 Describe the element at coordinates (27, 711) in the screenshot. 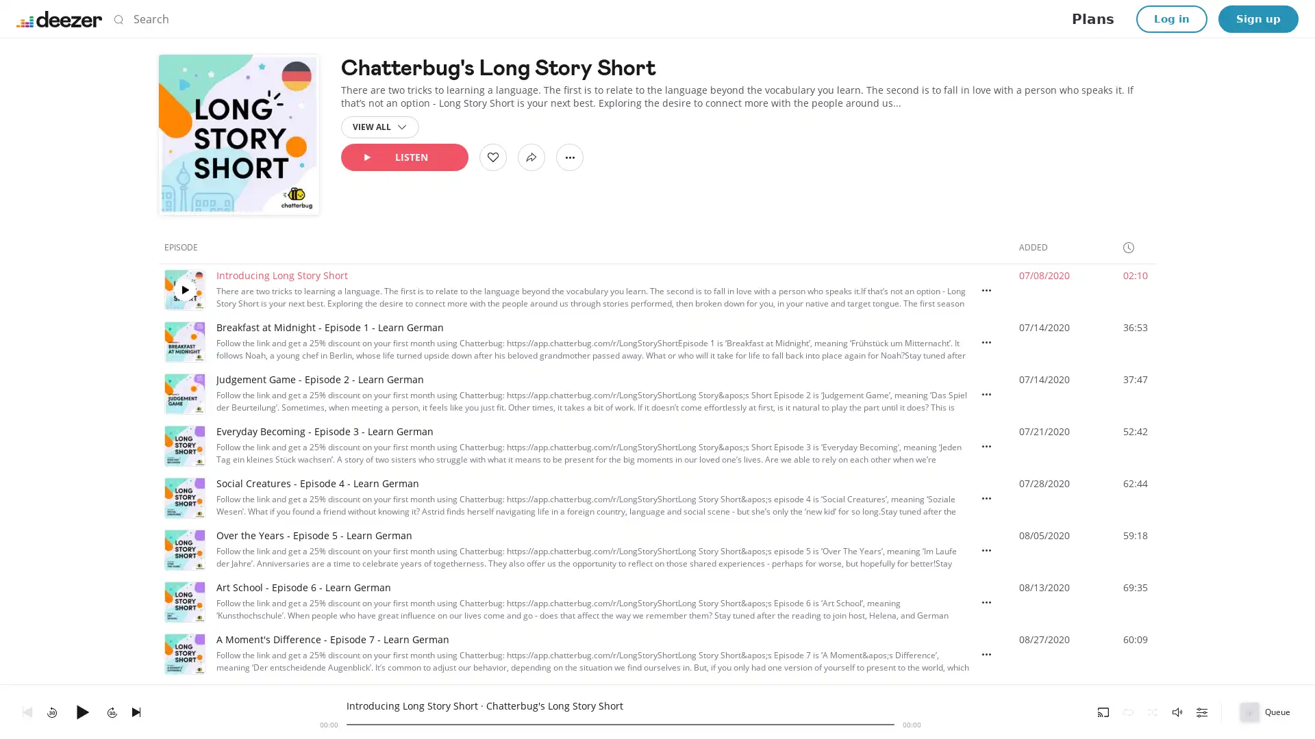

I see `Back` at that location.